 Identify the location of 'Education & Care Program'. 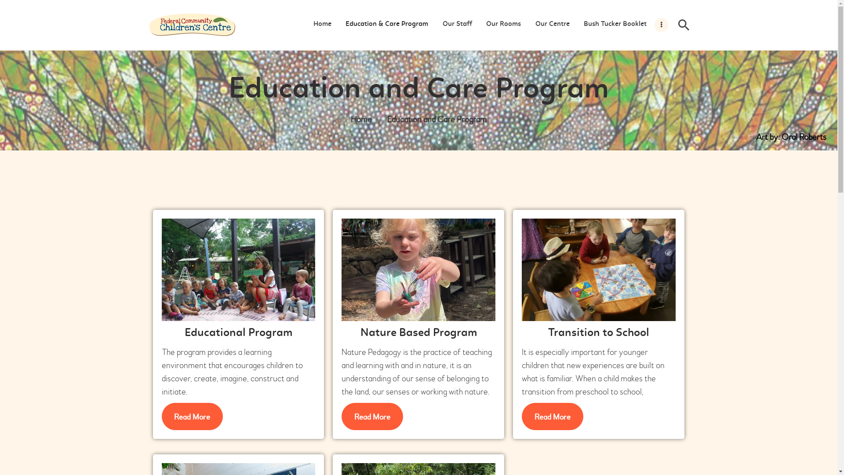
(386, 24).